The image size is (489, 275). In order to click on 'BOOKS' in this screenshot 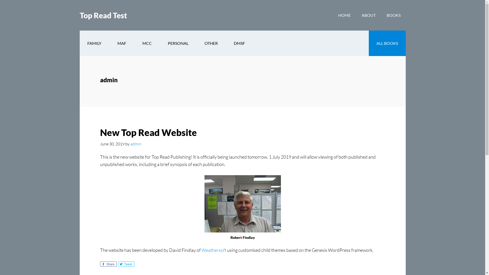, I will do `click(393, 15)`.